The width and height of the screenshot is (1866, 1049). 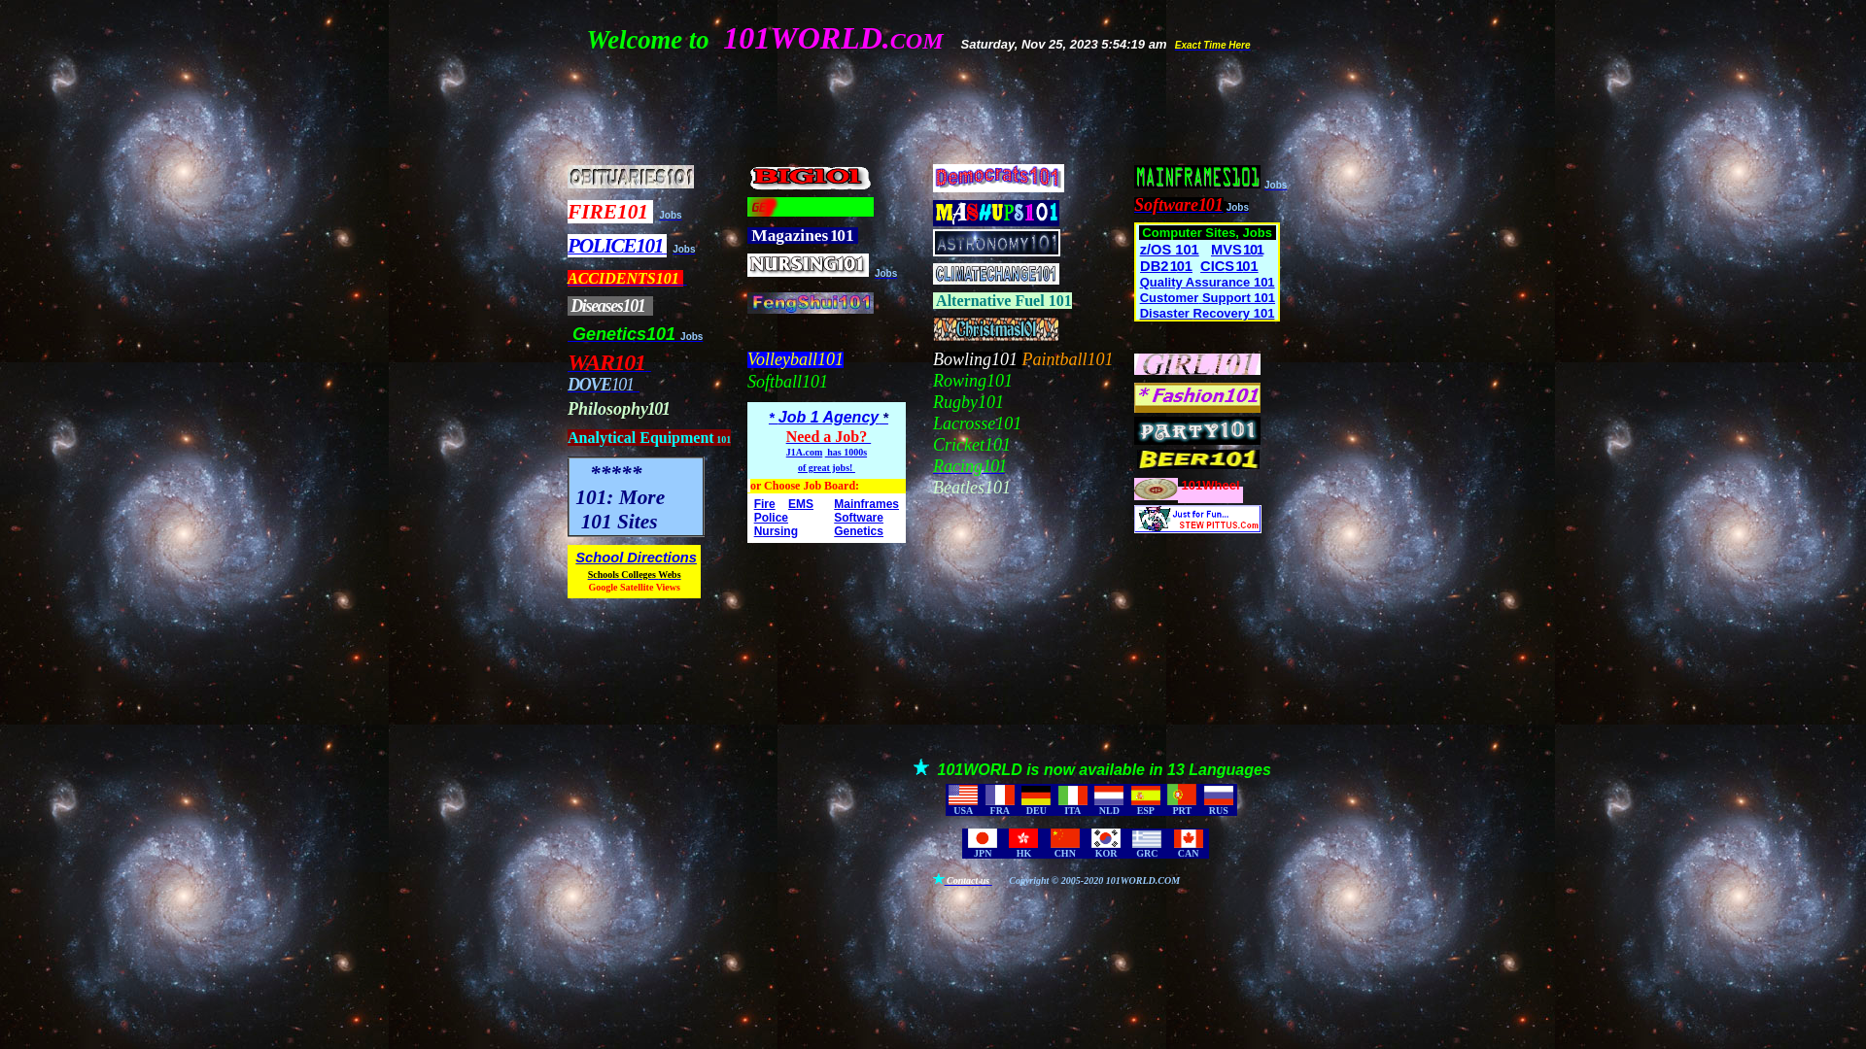 What do you see at coordinates (567, 278) in the screenshot?
I see `'ACCIDENTS101  '` at bounding box center [567, 278].